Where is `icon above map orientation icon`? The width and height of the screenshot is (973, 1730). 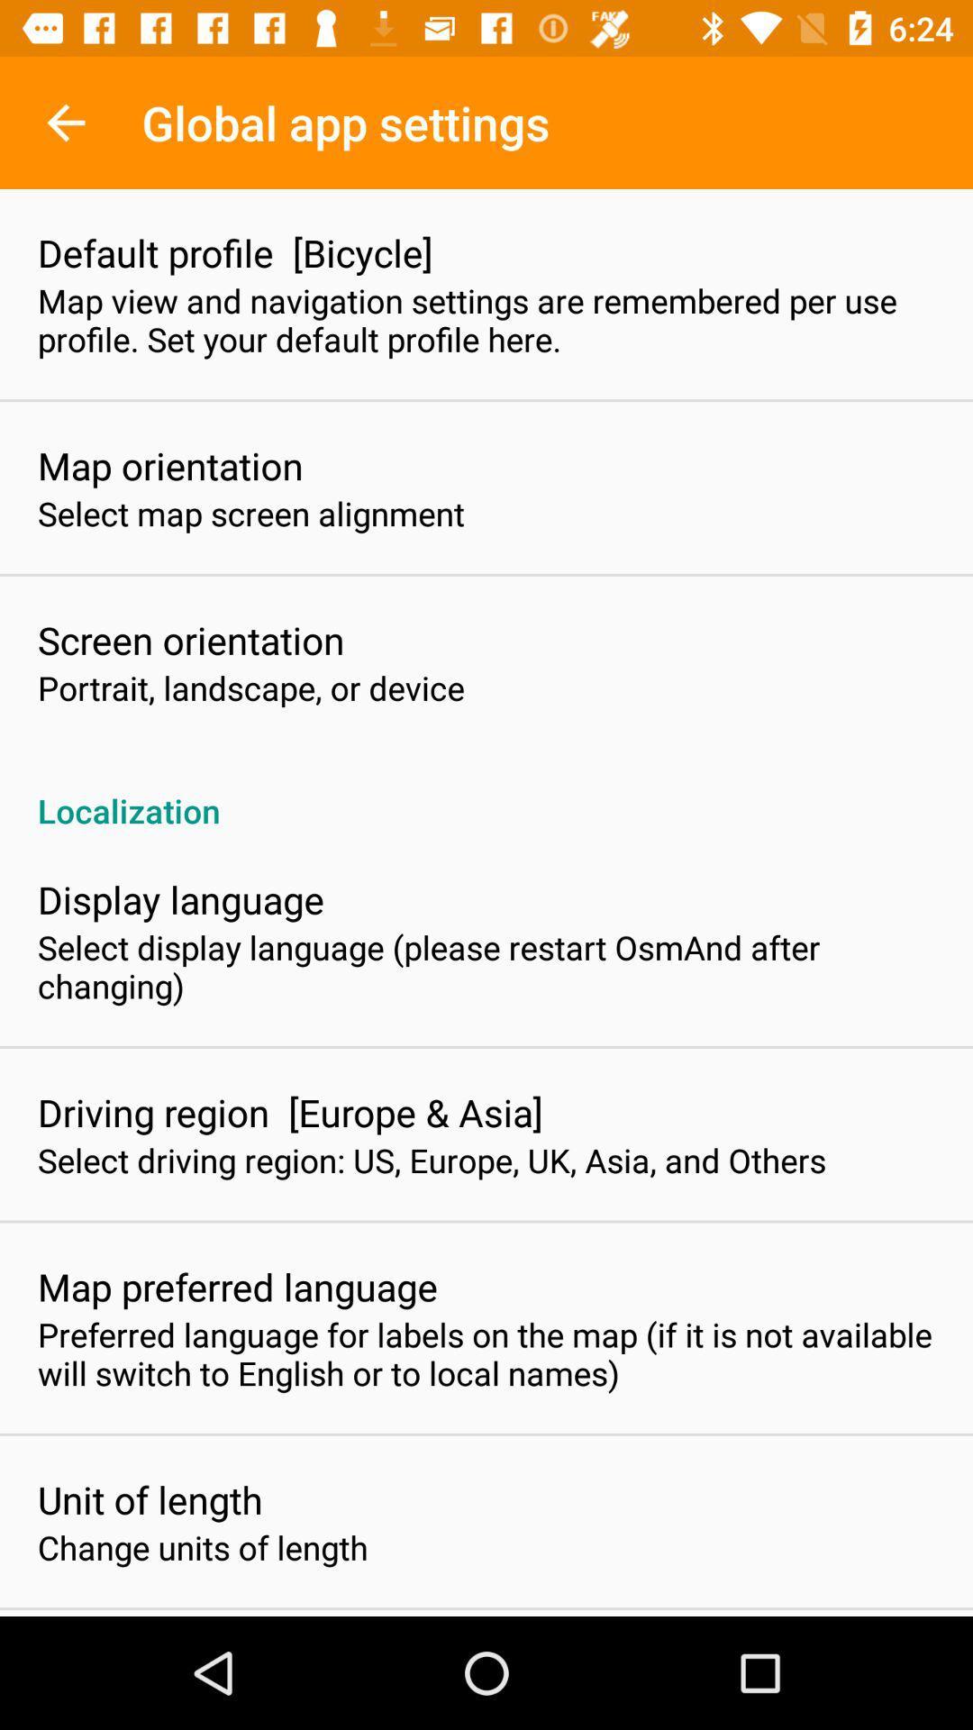 icon above map orientation icon is located at coordinates (486, 320).